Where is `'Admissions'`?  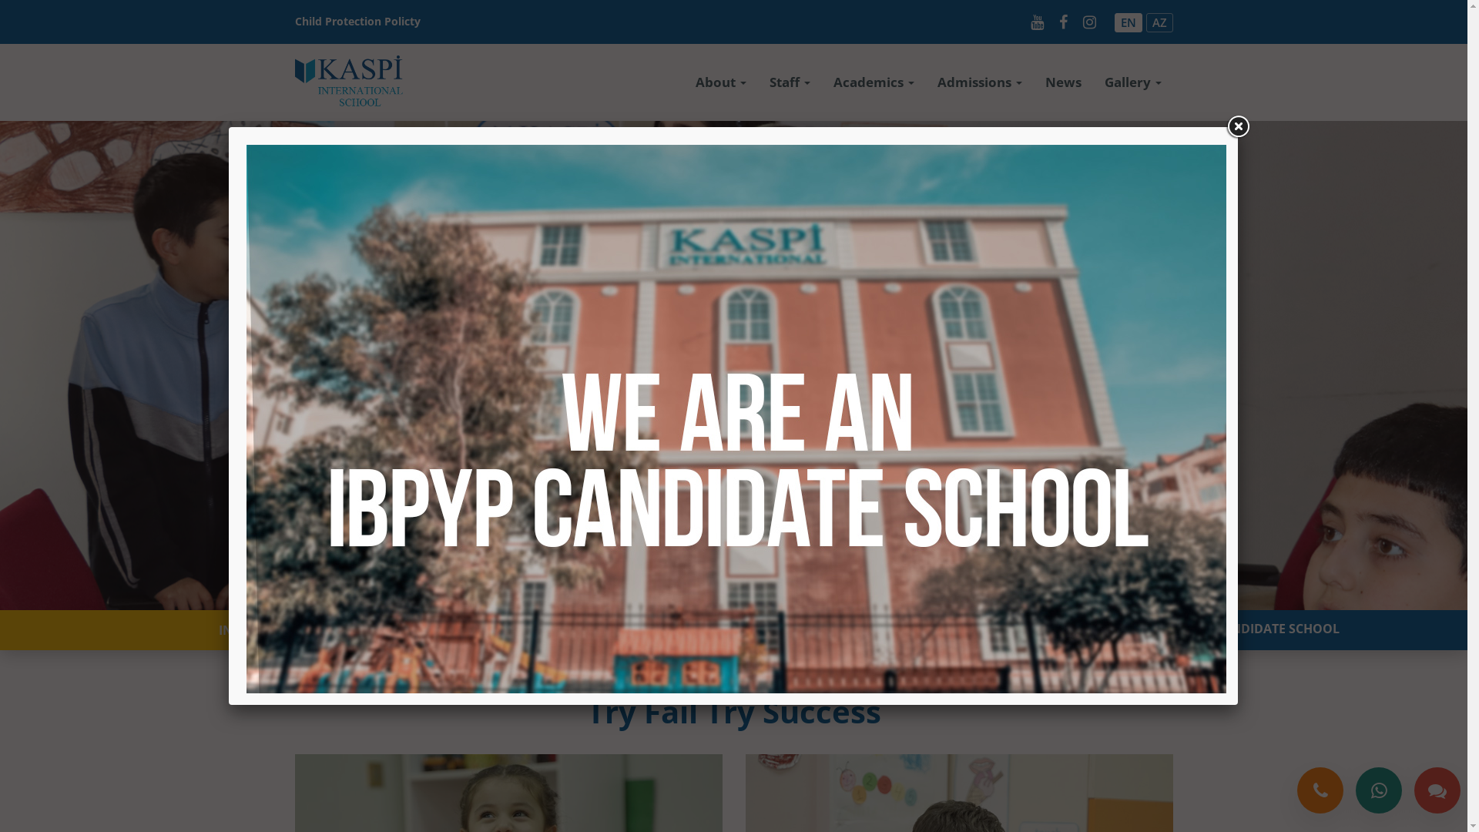
'Admissions' is located at coordinates (979, 82).